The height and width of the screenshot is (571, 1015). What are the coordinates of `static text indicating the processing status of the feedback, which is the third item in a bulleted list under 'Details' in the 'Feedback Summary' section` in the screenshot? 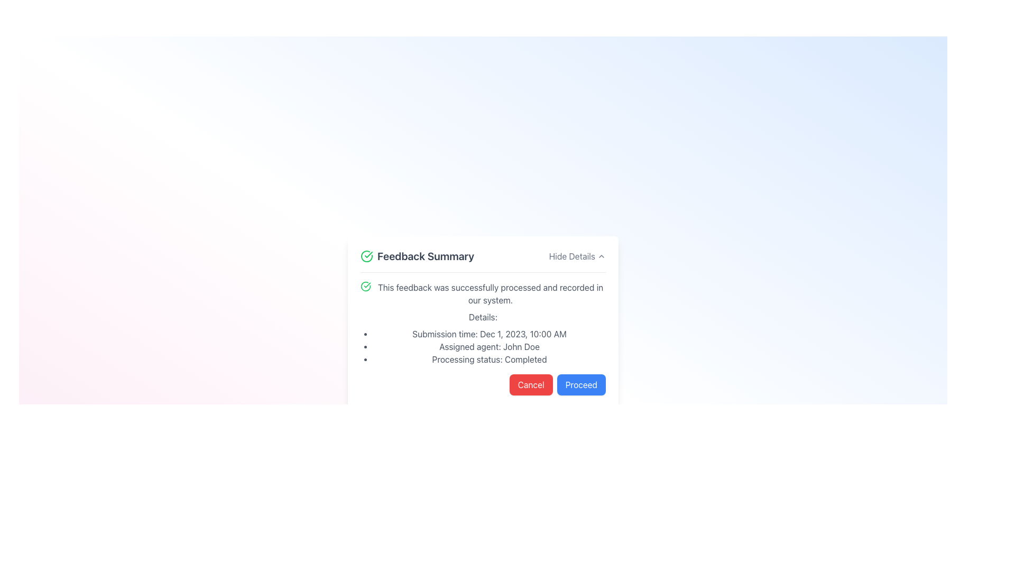 It's located at (489, 358).